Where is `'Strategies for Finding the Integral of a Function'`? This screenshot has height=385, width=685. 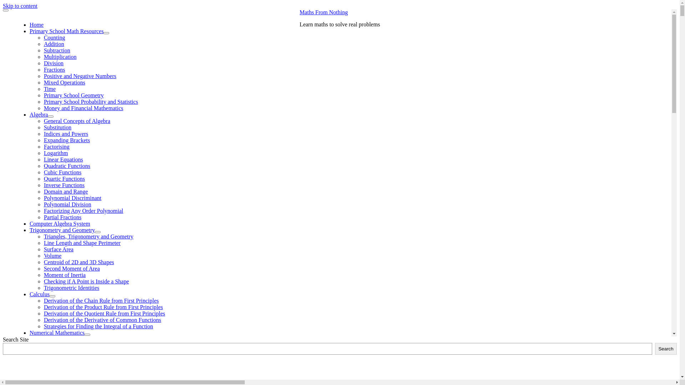 'Strategies for Finding the Integral of a Function' is located at coordinates (98, 326).